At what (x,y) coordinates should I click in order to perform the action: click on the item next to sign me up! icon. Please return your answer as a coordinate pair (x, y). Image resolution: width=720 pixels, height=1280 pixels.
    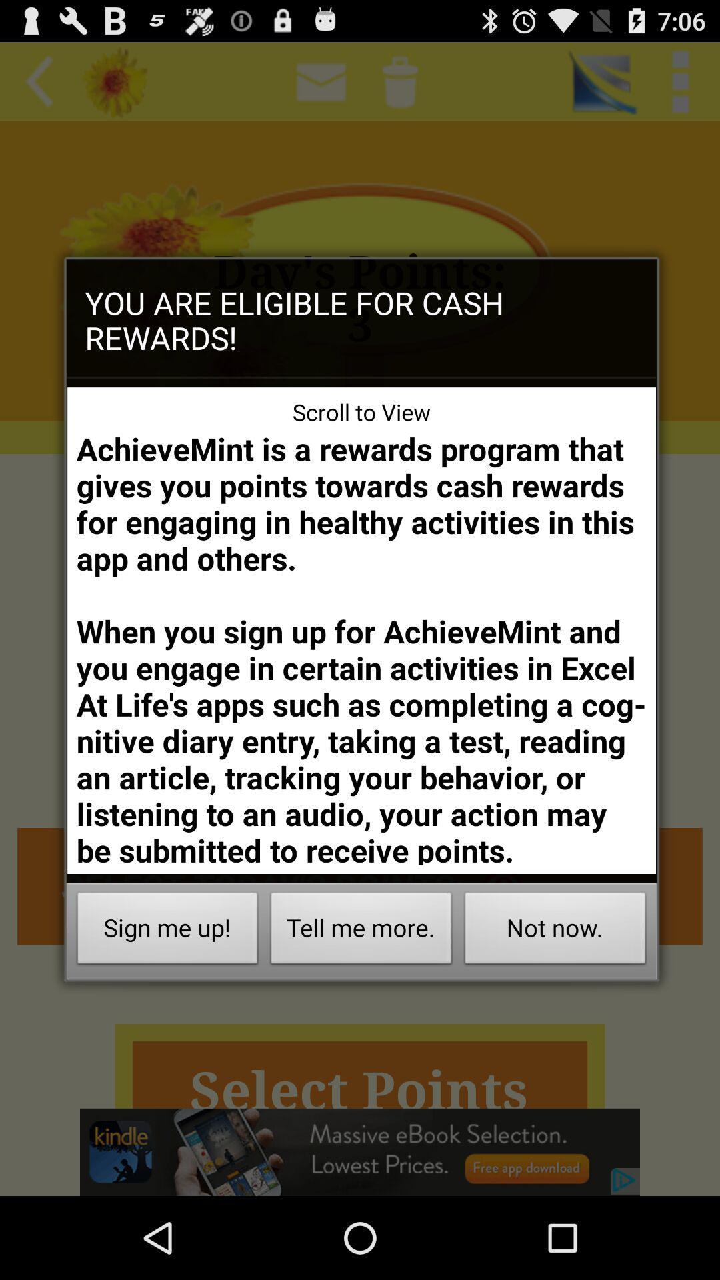
    Looking at the image, I should click on (361, 931).